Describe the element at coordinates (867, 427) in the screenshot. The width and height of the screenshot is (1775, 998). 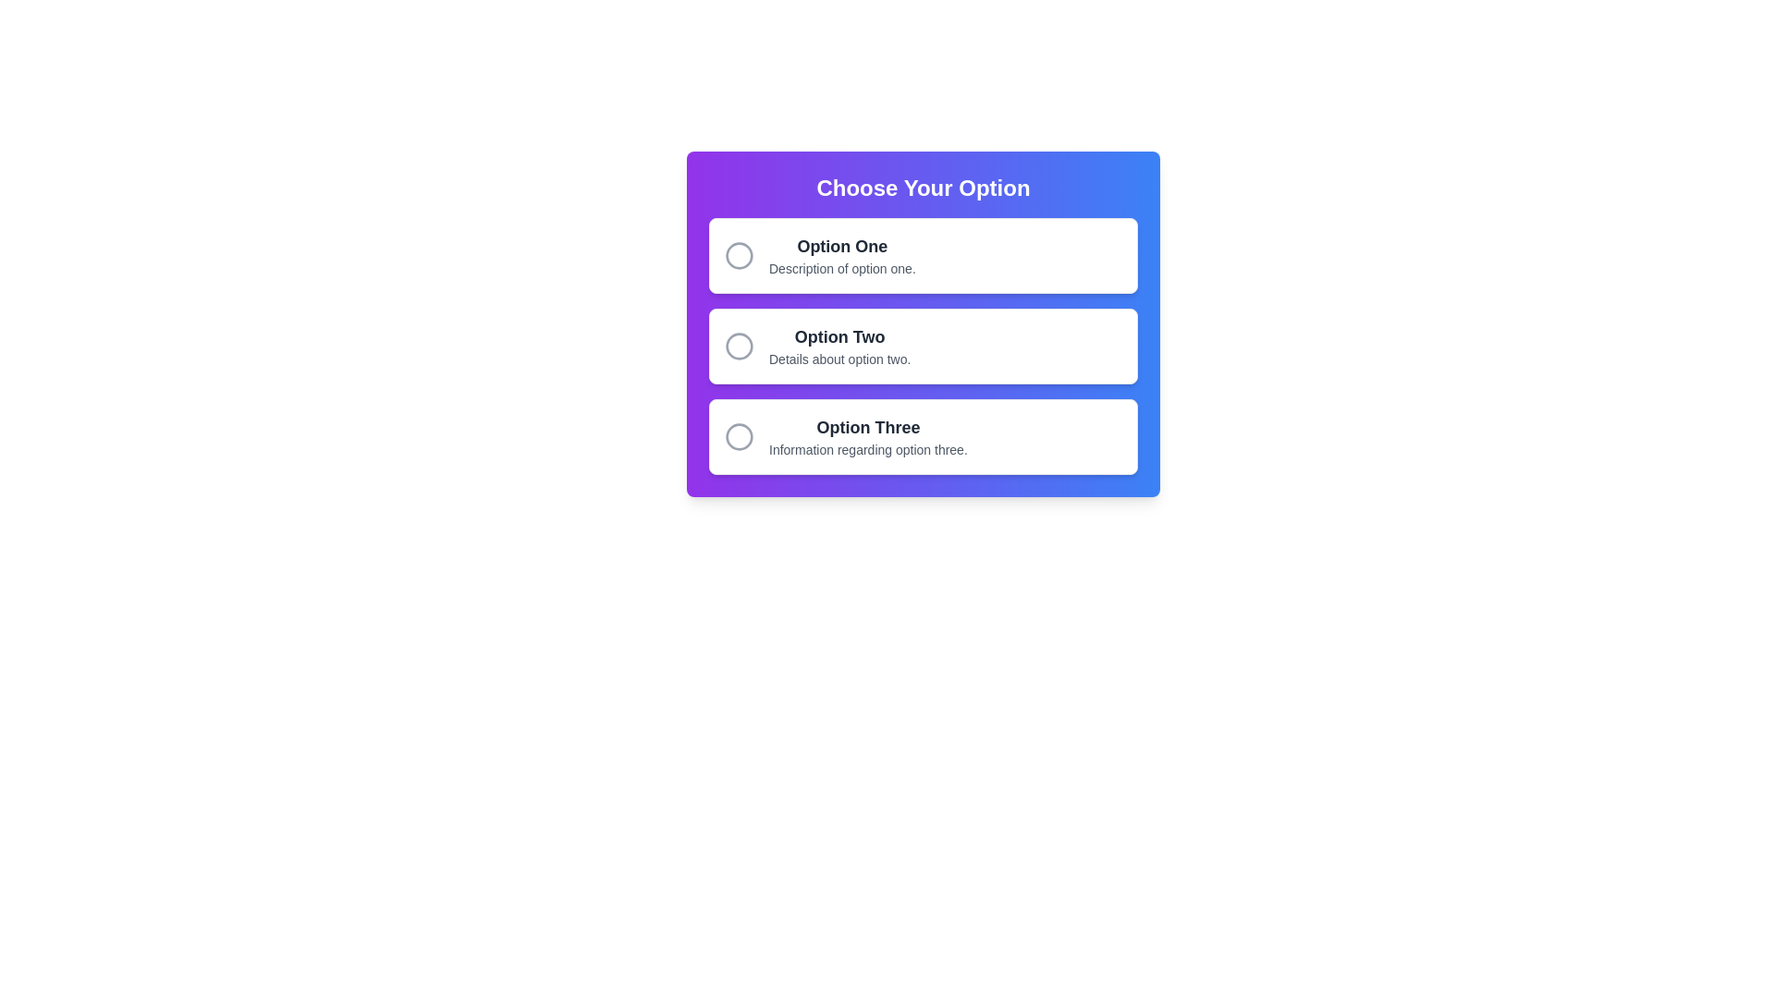
I see `the header text label for the third option in the vertical list, which helps users identify the choice` at that location.